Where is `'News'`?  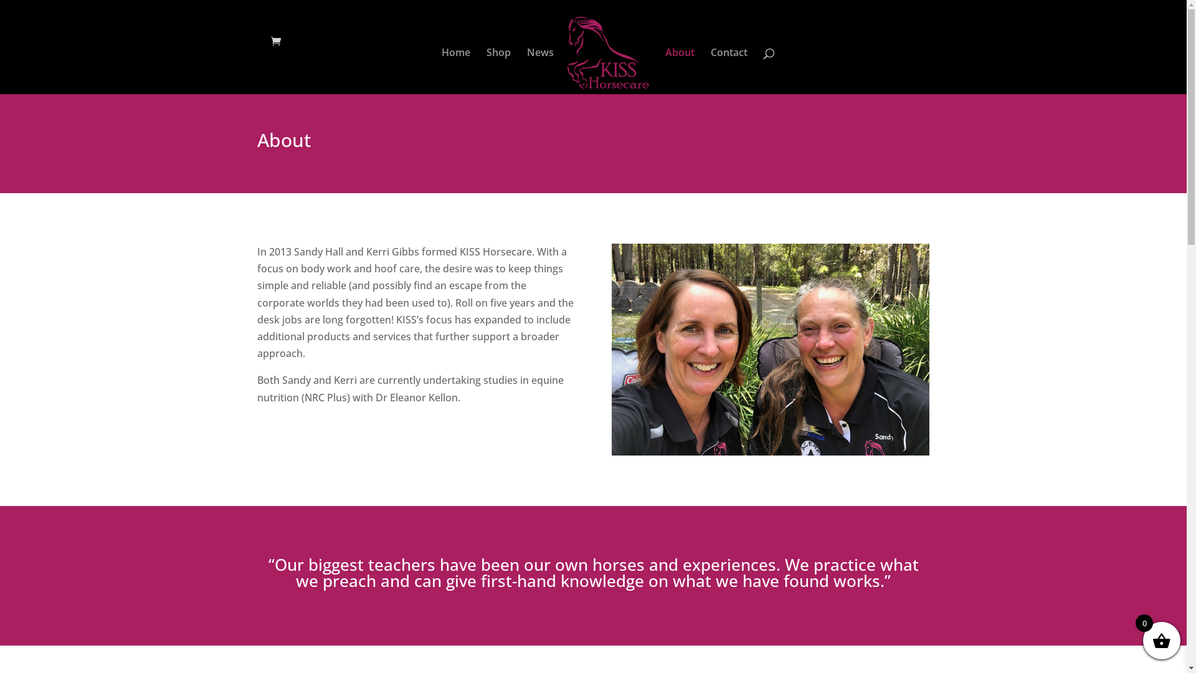
'News' is located at coordinates (526, 71).